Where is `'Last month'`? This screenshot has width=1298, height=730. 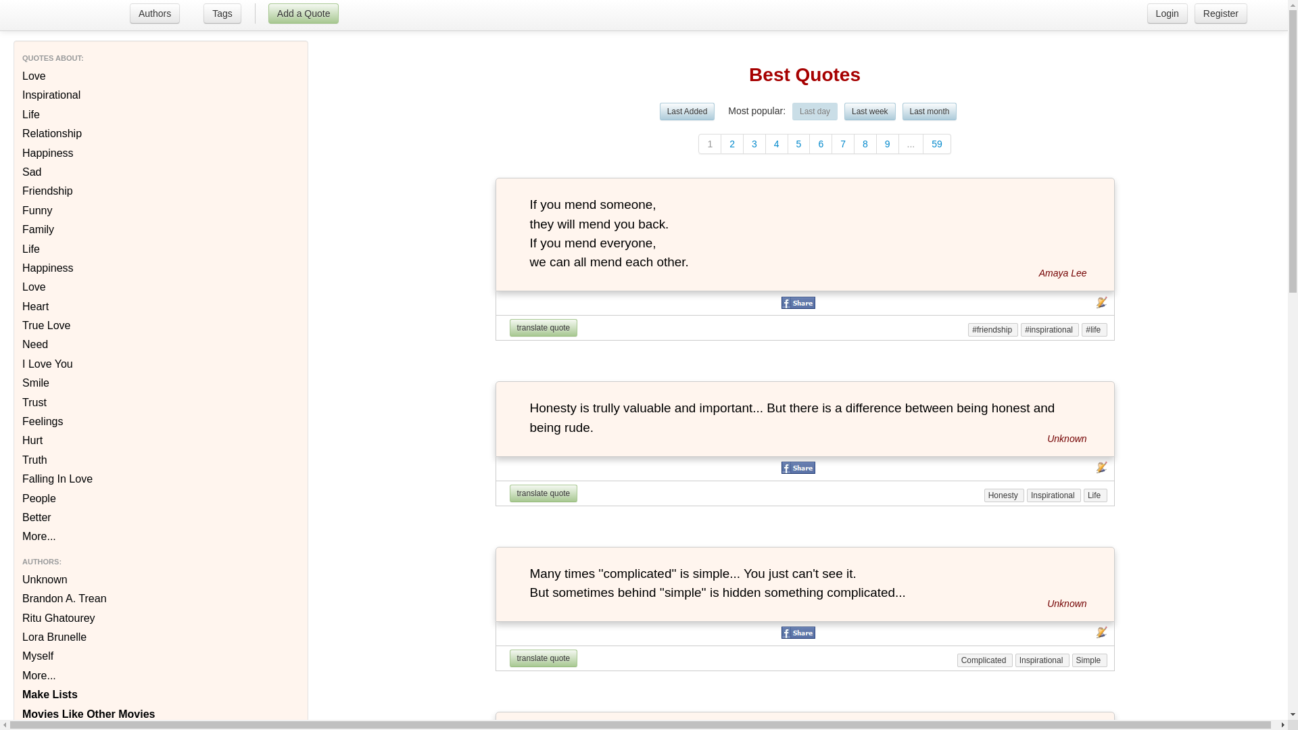 'Last month' is located at coordinates (929, 111).